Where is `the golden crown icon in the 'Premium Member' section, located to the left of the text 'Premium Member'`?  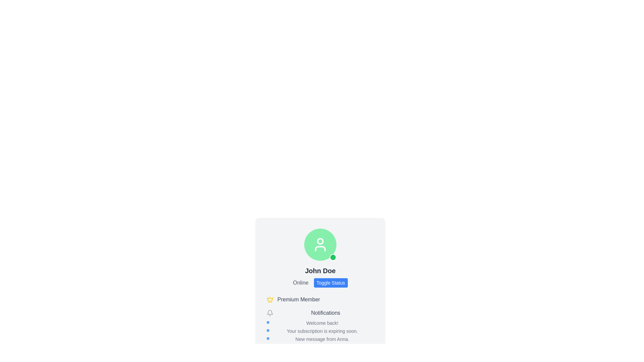
the golden crown icon in the 'Premium Member' section, located to the left of the text 'Premium Member' is located at coordinates (270, 299).